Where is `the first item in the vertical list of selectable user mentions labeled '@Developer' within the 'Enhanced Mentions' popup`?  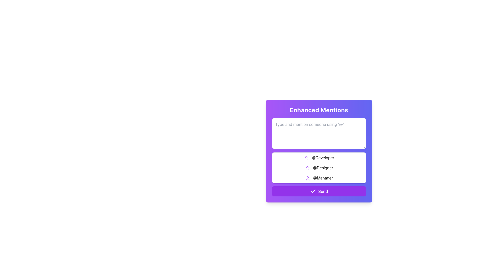
the first item in the vertical list of selectable user mentions labeled '@Developer' within the 'Enhanced Mentions' popup is located at coordinates (319, 157).